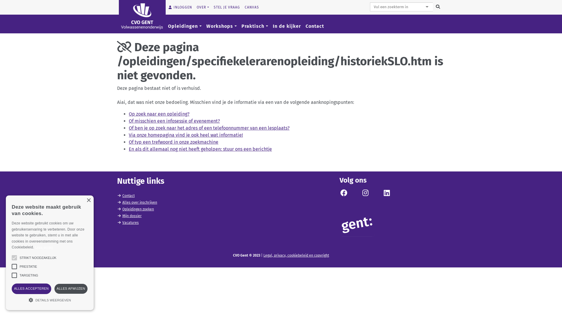 Image resolution: width=562 pixels, height=316 pixels. What do you see at coordinates (159, 114) in the screenshot?
I see `'Op zoek naar een opleiding?'` at bounding box center [159, 114].